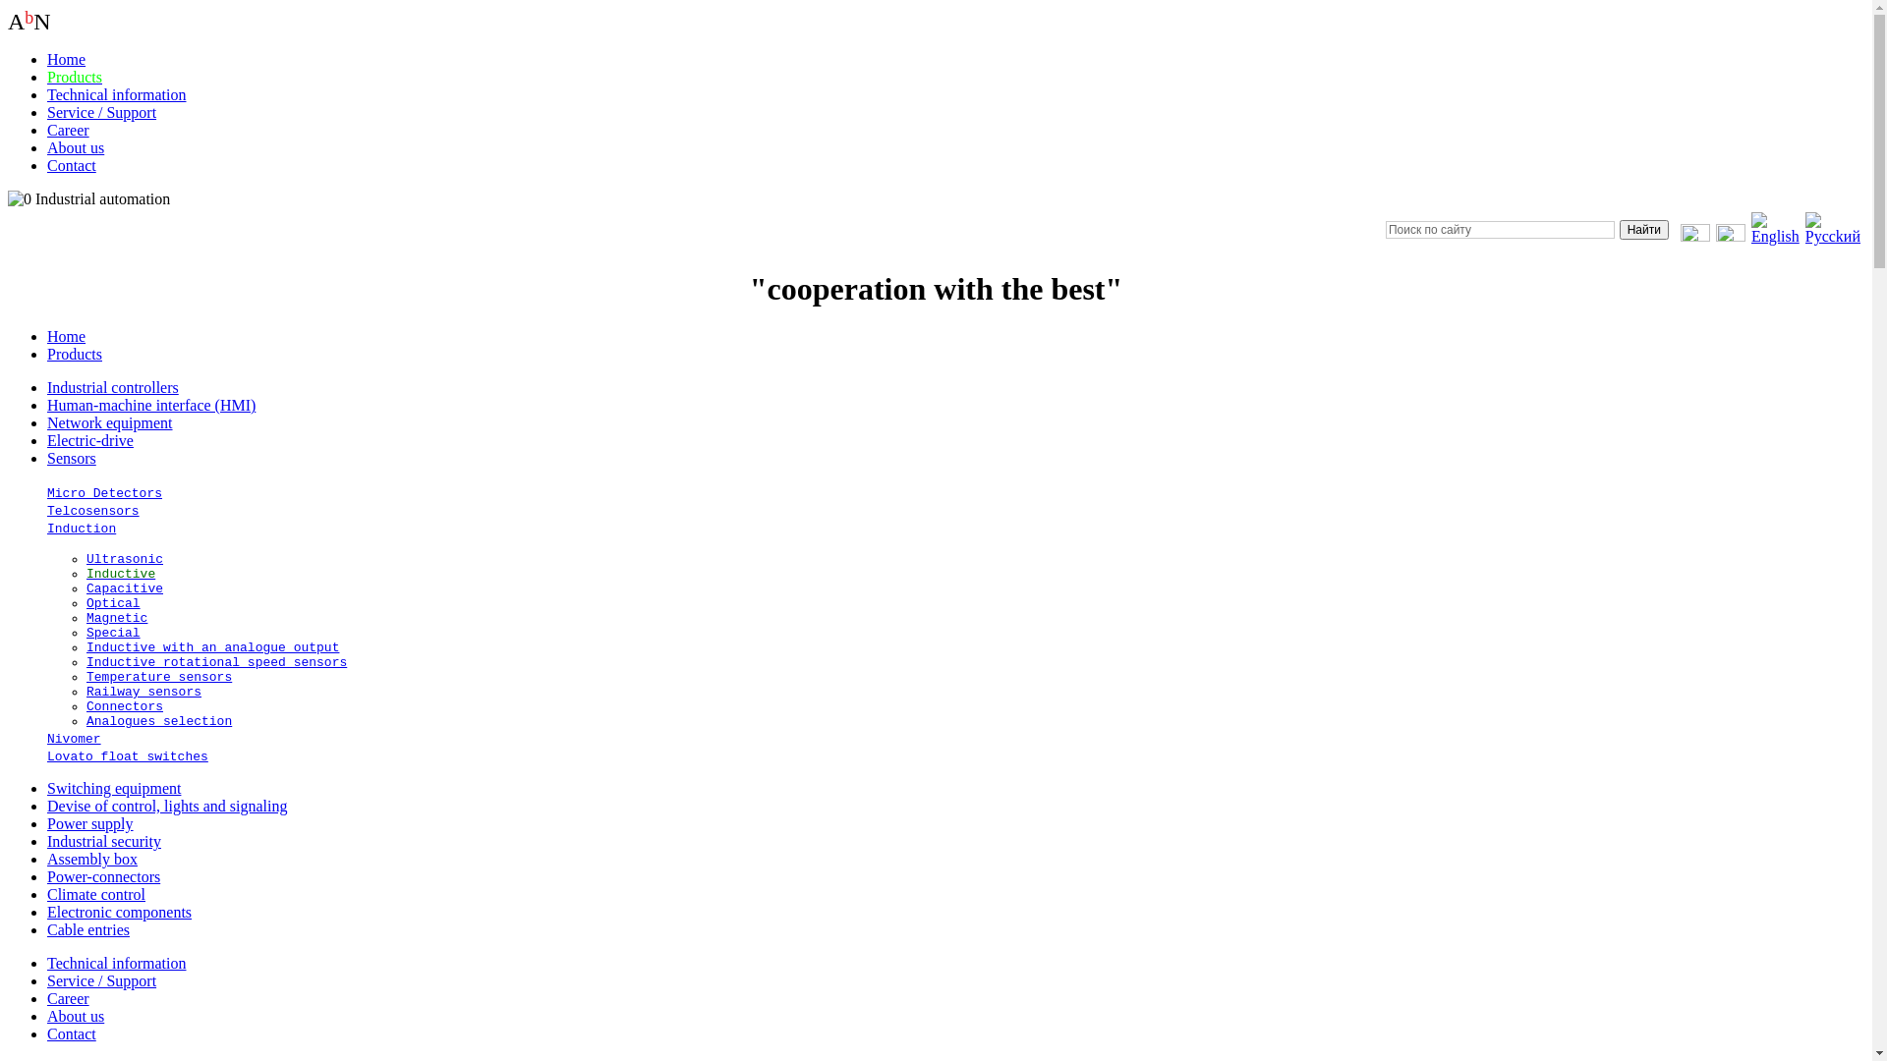 The width and height of the screenshot is (1887, 1061). I want to click on 'Career', so click(68, 998).